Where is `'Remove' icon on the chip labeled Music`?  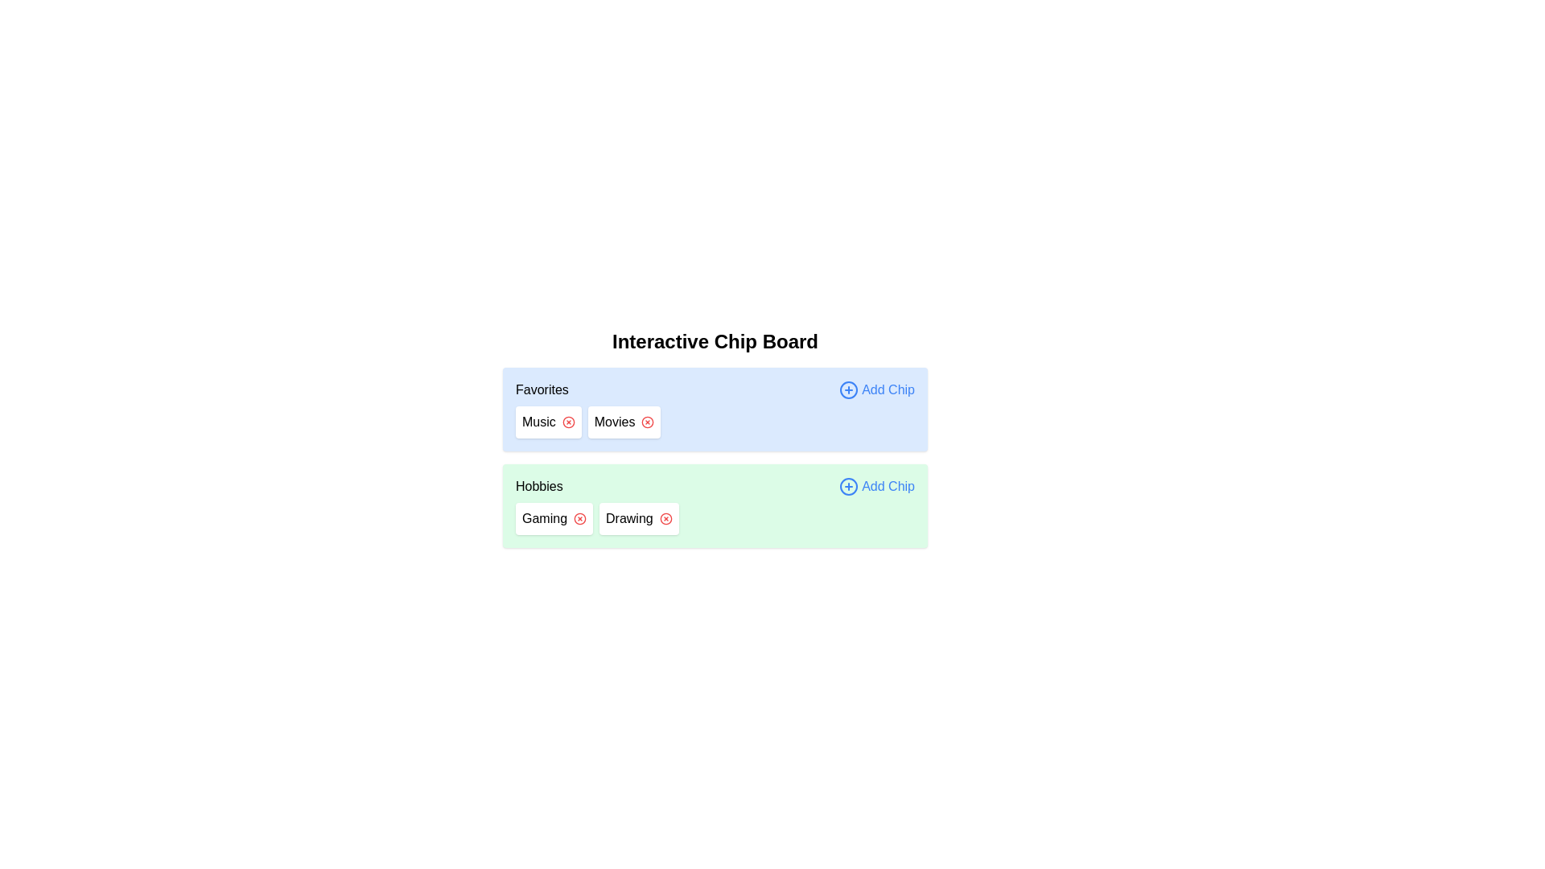 'Remove' icon on the chip labeled Music is located at coordinates (568, 421).